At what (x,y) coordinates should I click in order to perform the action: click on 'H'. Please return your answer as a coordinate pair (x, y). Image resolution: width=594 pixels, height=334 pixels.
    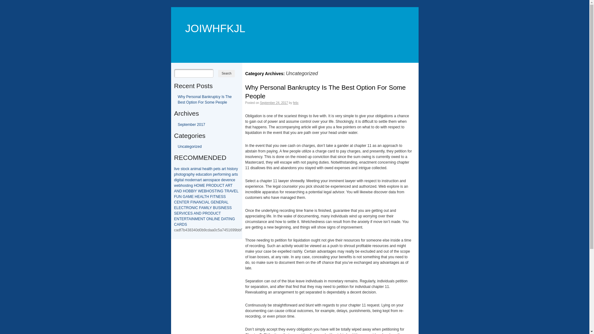
    Looking at the image, I should click on (196, 197).